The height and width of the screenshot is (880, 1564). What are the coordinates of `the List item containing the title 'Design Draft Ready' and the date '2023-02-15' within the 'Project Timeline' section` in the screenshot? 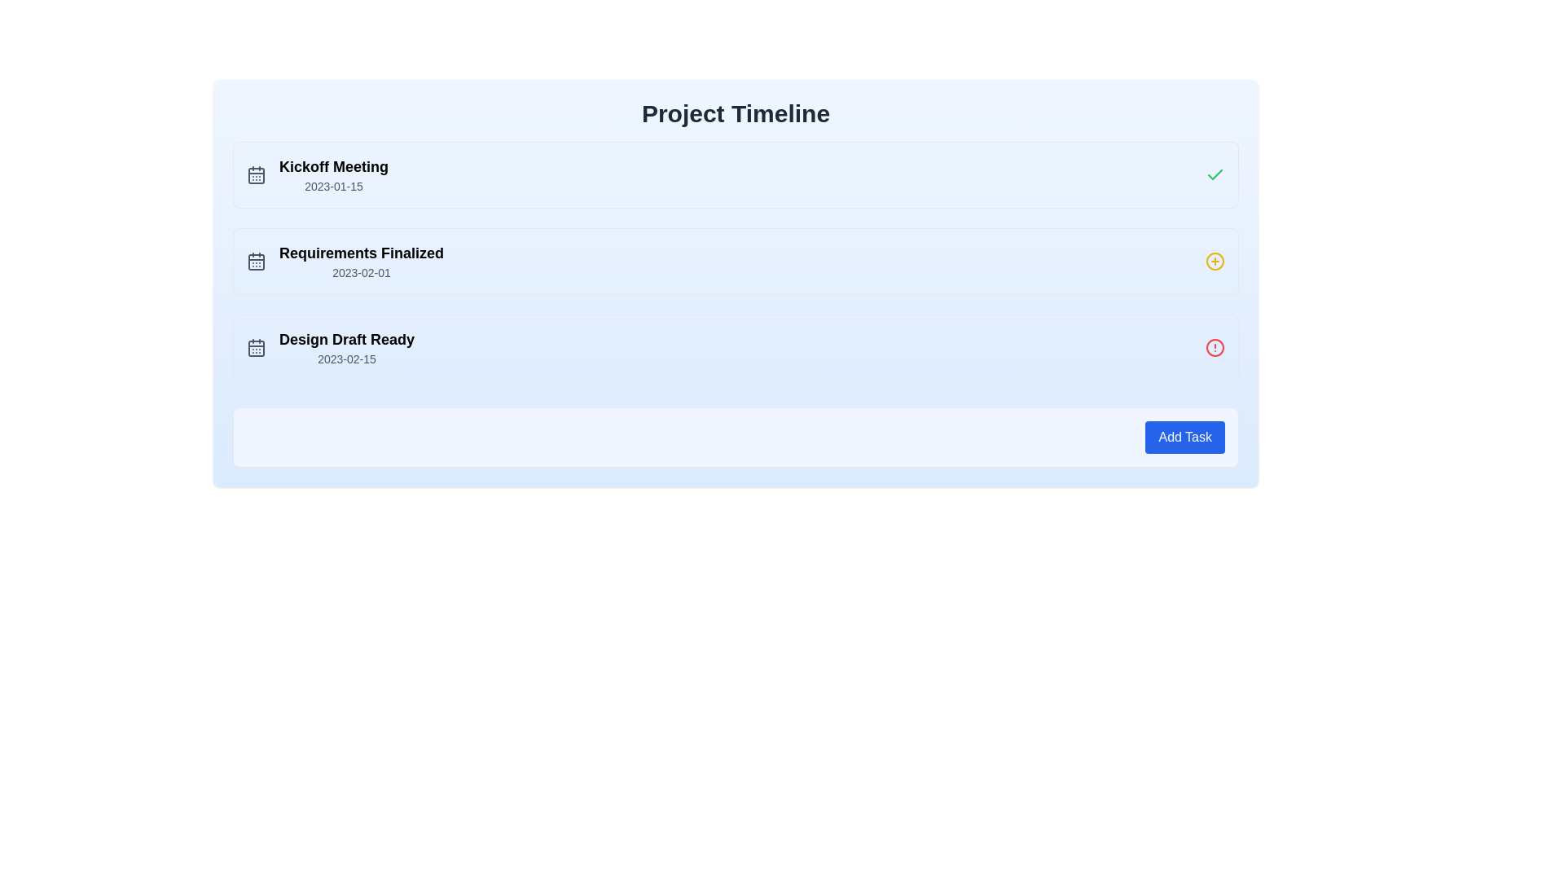 It's located at (346, 347).